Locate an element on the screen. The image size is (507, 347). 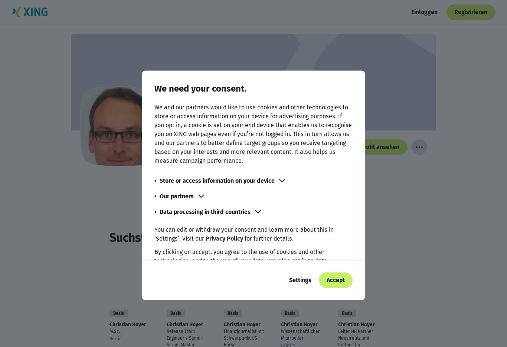
'Angestellt, Senior Referent Bilanzierung, KfW Bankengruppe' is located at coordinates (261, 166).